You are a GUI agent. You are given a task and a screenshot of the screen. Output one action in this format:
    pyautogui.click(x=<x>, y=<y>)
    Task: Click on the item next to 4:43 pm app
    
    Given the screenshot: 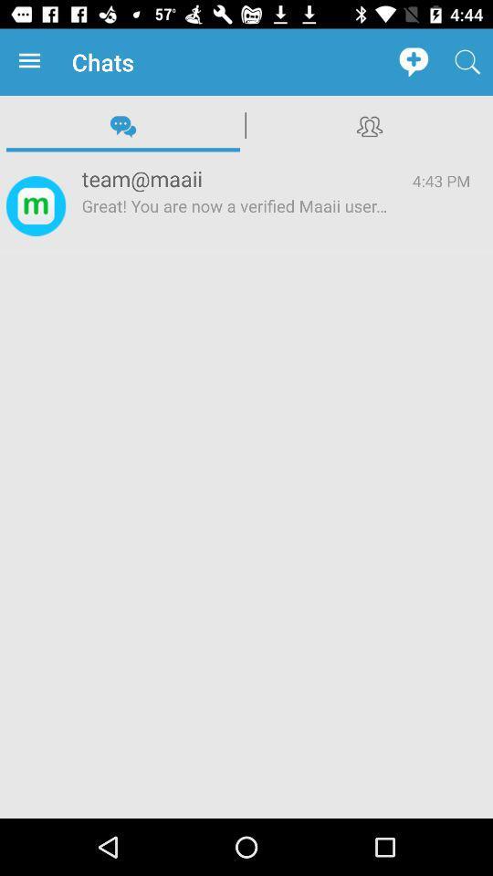 What is the action you would take?
    pyautogui.click(x=236, y=178)
    